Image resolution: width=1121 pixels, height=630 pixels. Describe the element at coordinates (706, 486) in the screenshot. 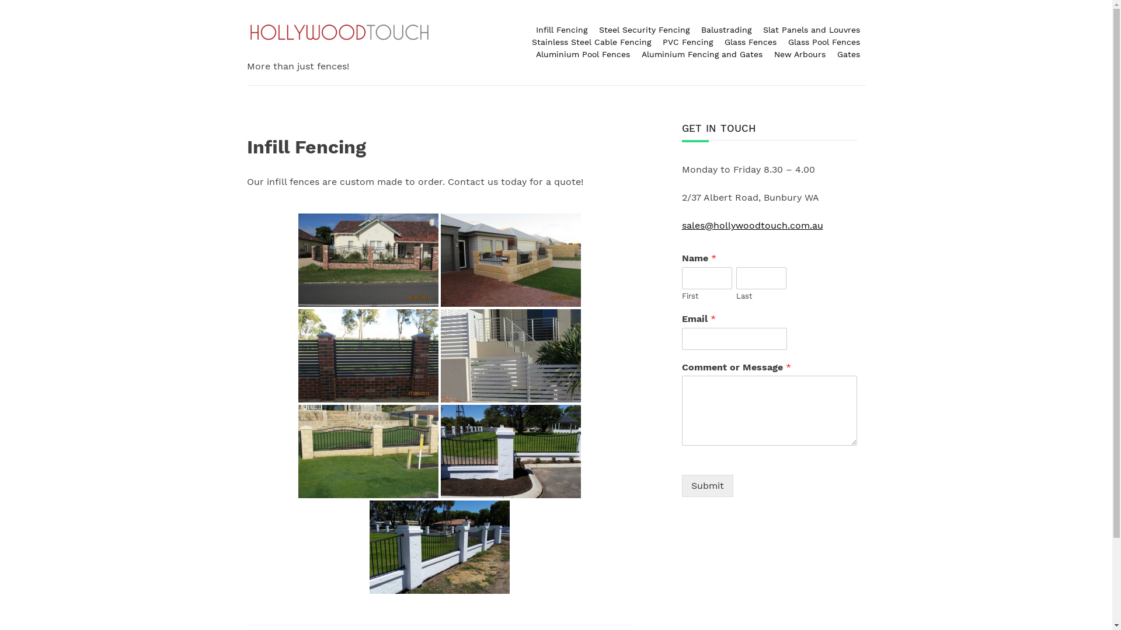

I see `'Submit'` at that location.